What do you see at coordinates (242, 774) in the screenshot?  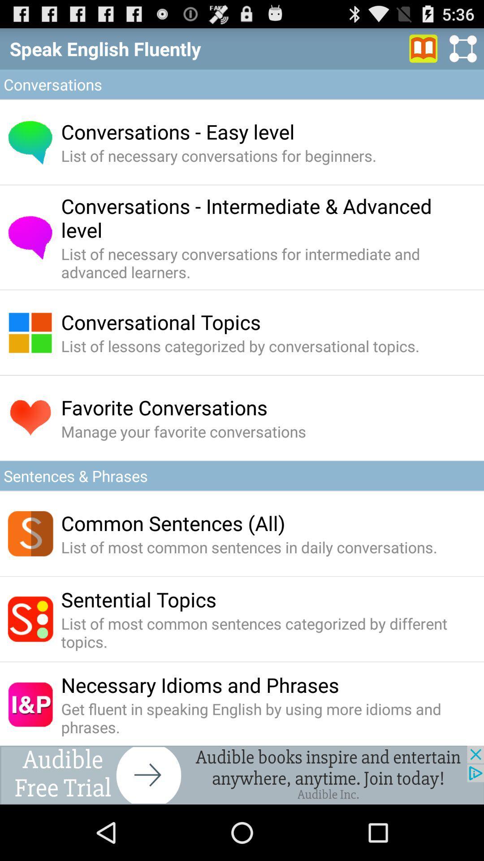 I see `advertisement link` at bounding box center [242, 774].